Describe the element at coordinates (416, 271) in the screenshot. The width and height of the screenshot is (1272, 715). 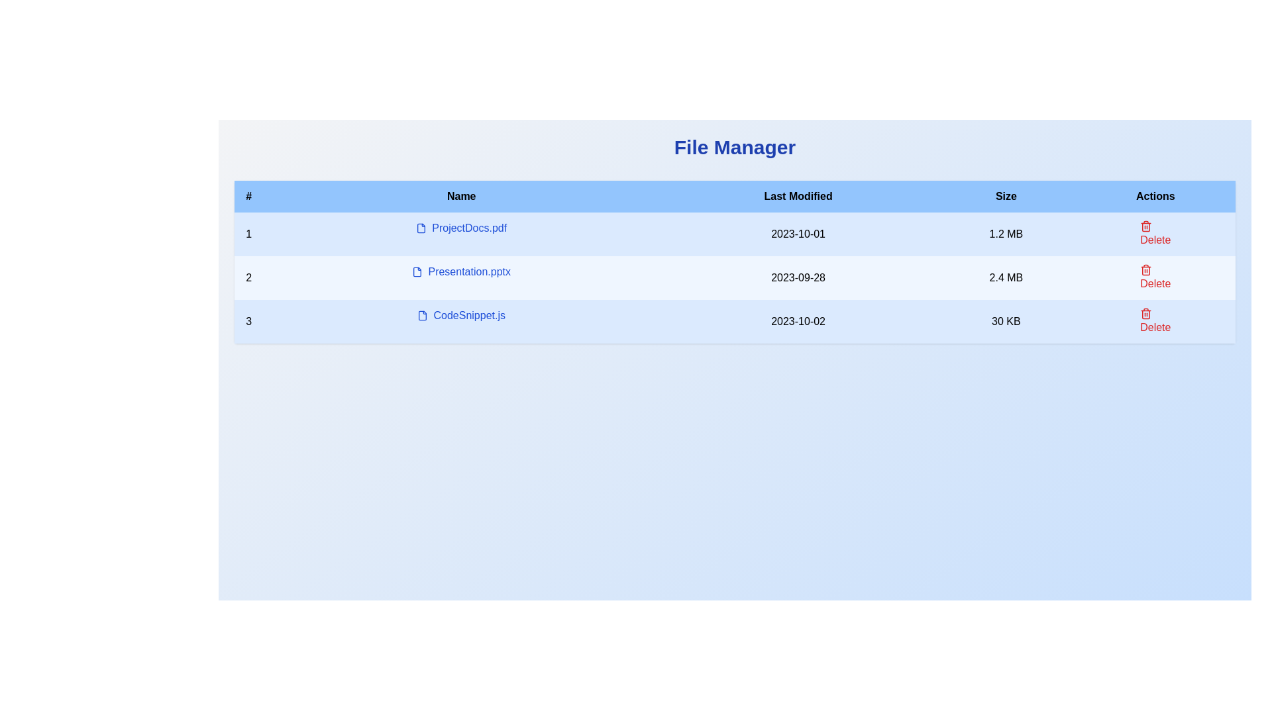
I see `the file type icon located in the 'Name' column of the second row, which is positioned` at that location.